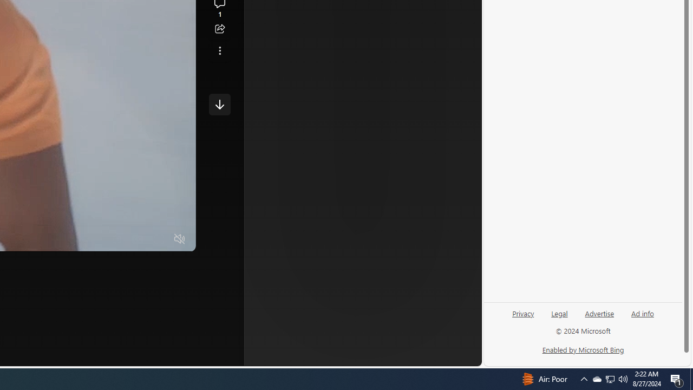  Describe the element at coordinates (524, 317) in the screenshot. I see `'Privacy'` at that location.